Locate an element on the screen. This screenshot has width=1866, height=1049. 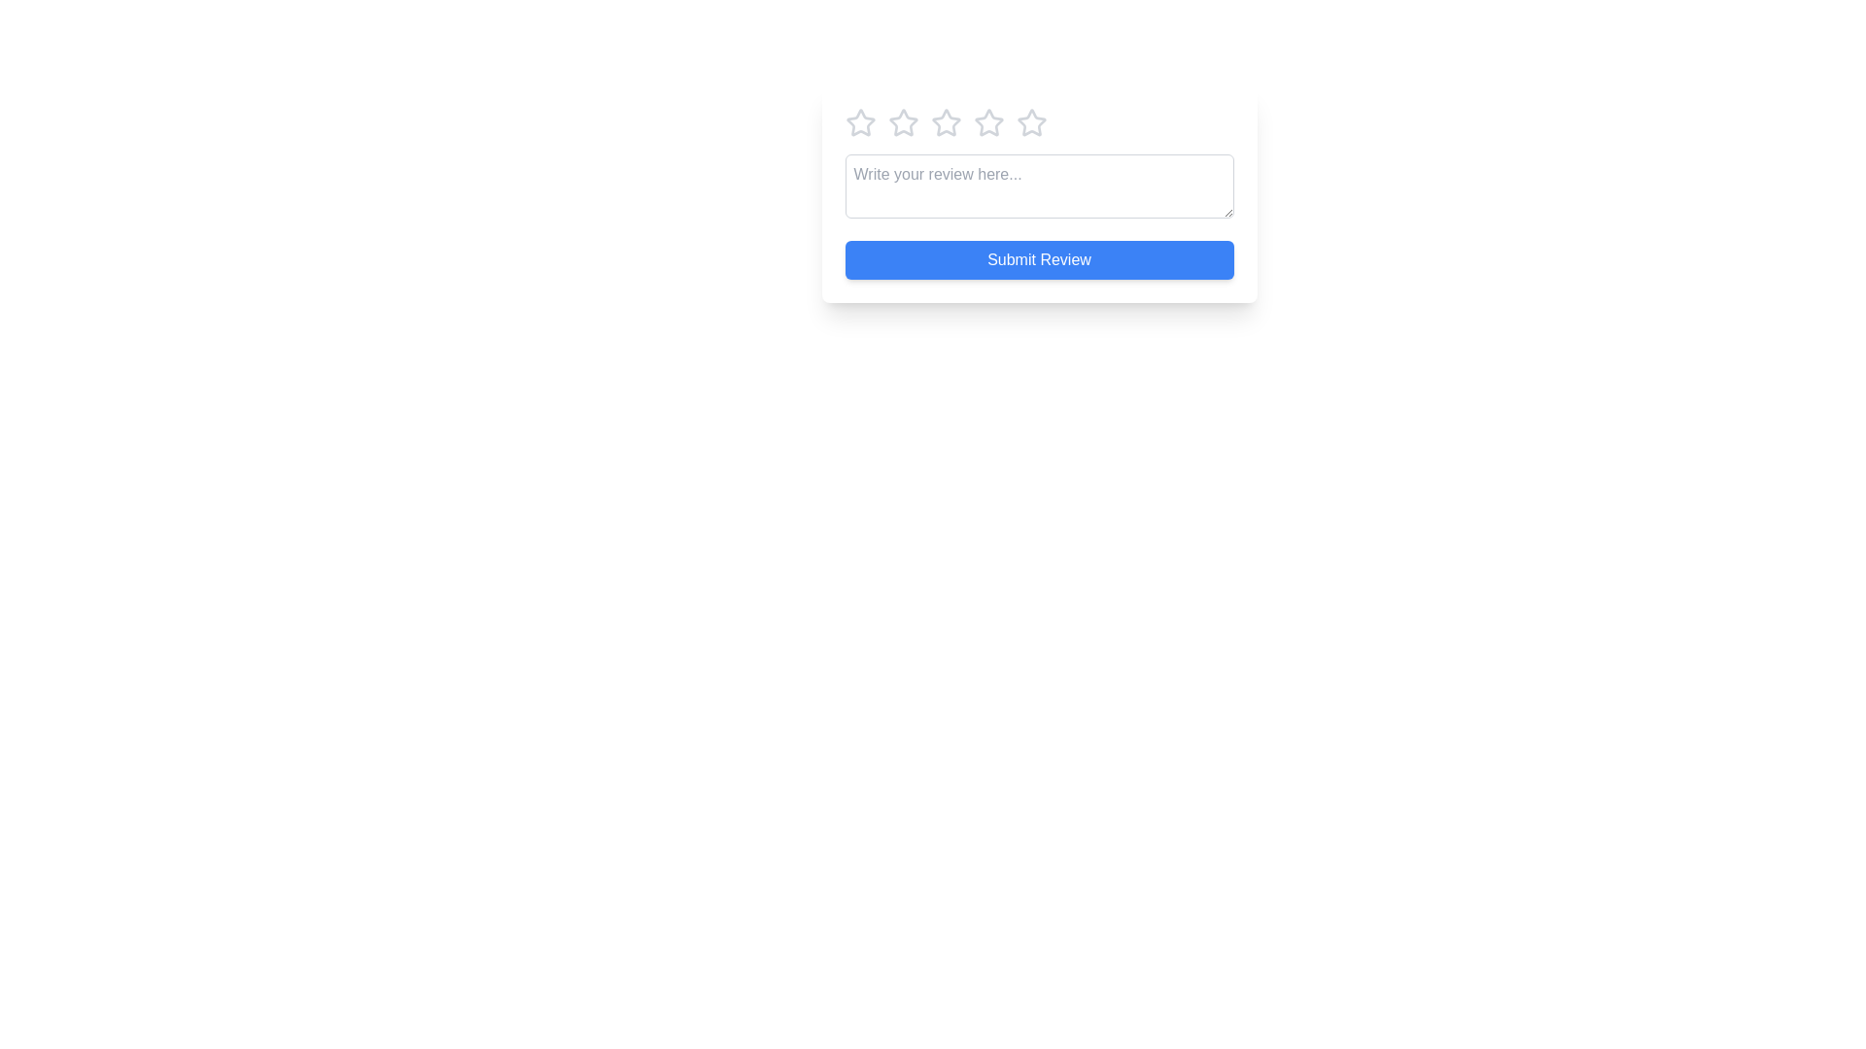
the fourth star icon in the star-based rating system is located at coordinates (1030, 122).